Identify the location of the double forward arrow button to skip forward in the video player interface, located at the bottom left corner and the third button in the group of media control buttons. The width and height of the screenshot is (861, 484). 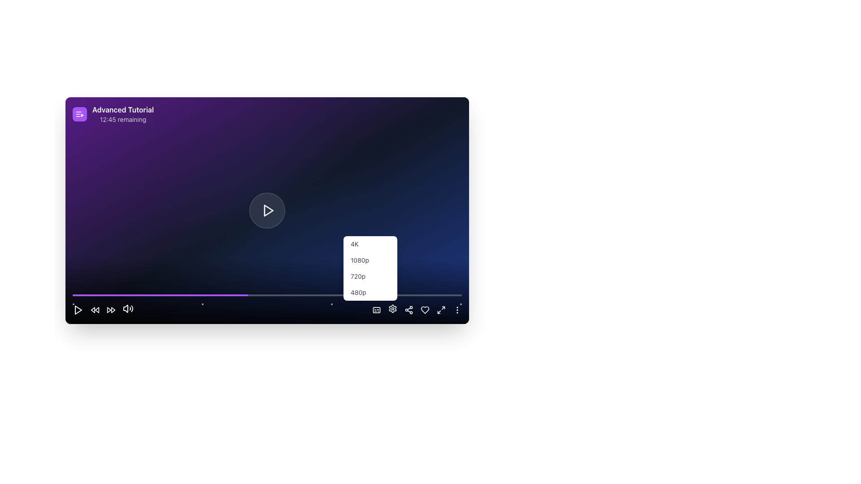
(111, 309).